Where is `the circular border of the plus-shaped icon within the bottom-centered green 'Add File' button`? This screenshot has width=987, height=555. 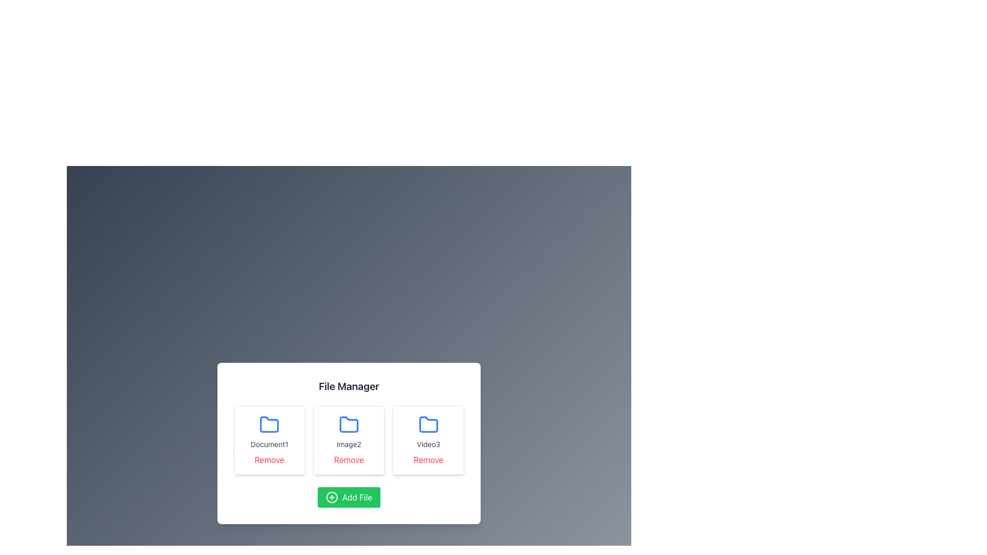 the circular border of the plus-shaped icon within the bottom-centered green 'Add File' button is located at coordinates (332, 497).